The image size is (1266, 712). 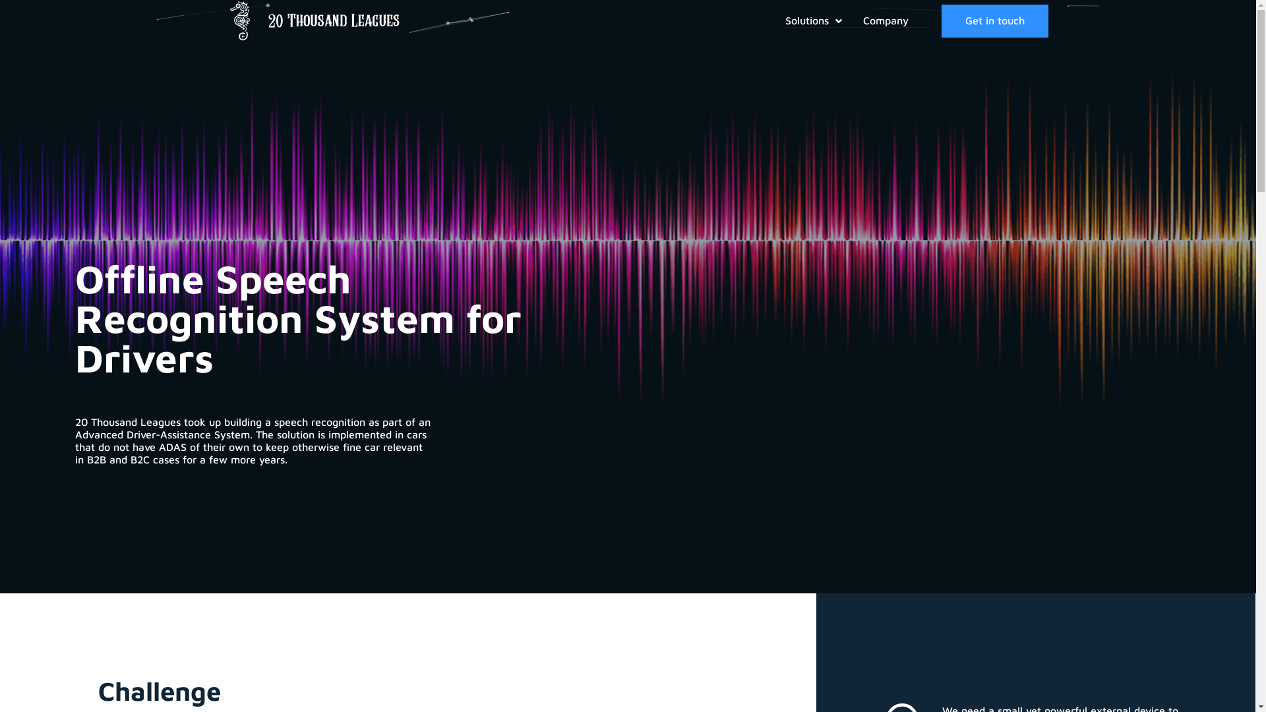 What do you see at coordinates (863, 20) in the screenshot?
I see `'Company'` at bounding box center [863, 20].